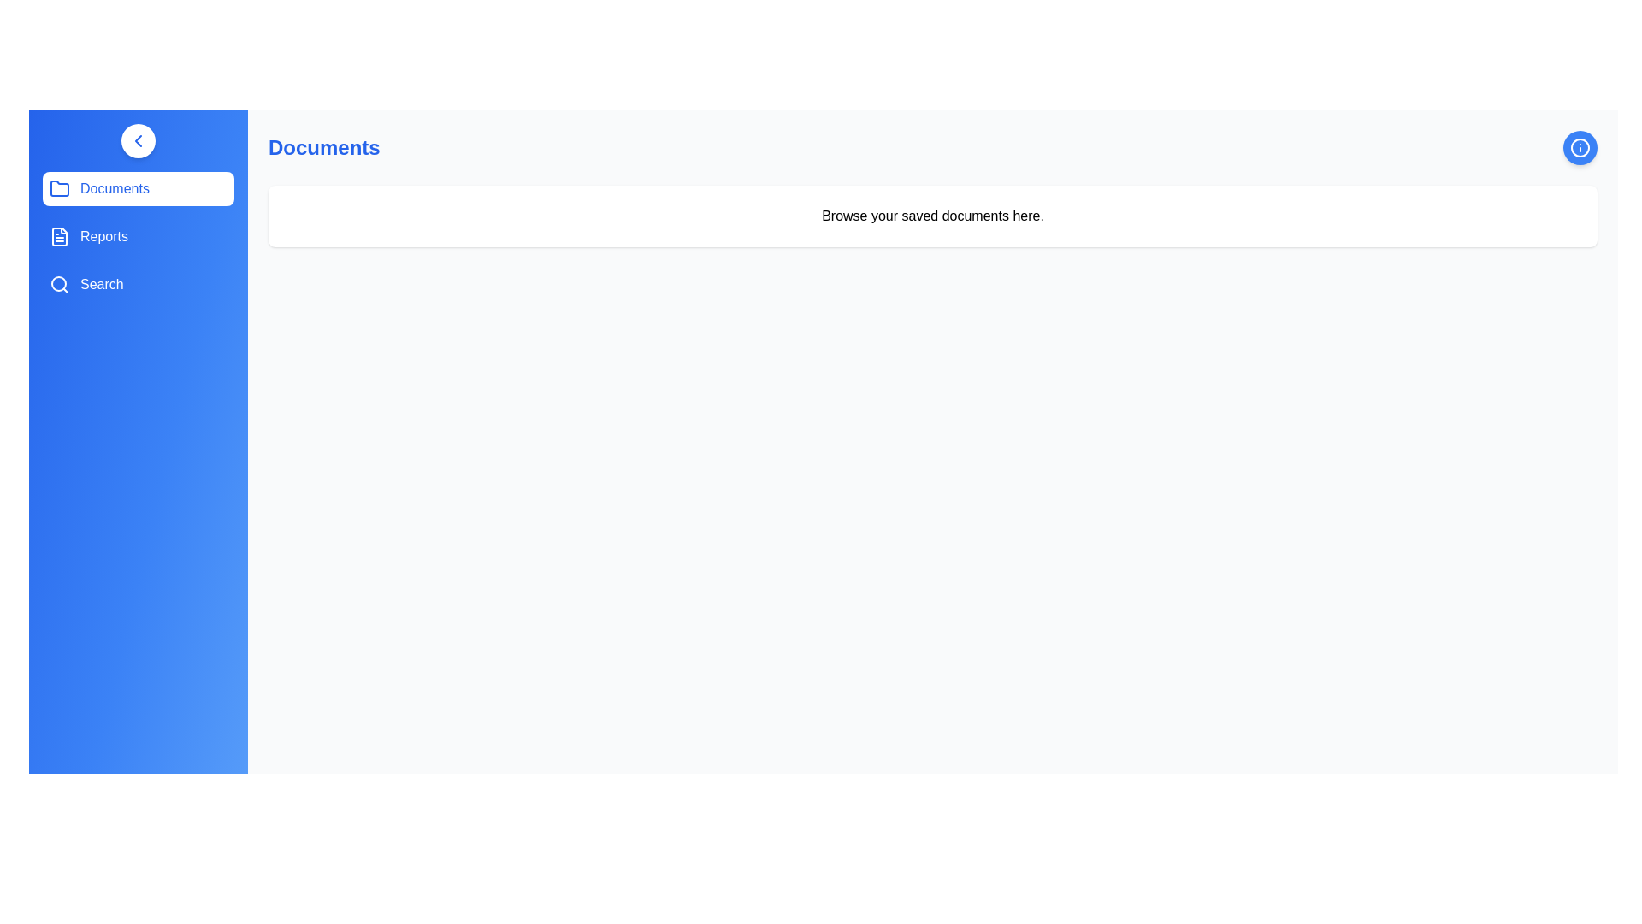 This screenshot has height=924, width=1642. What do you see at coordinates (139, 140) in the screenshot?
I see `the toggle button to open or close the drawer` at bounding box center [139, 140].